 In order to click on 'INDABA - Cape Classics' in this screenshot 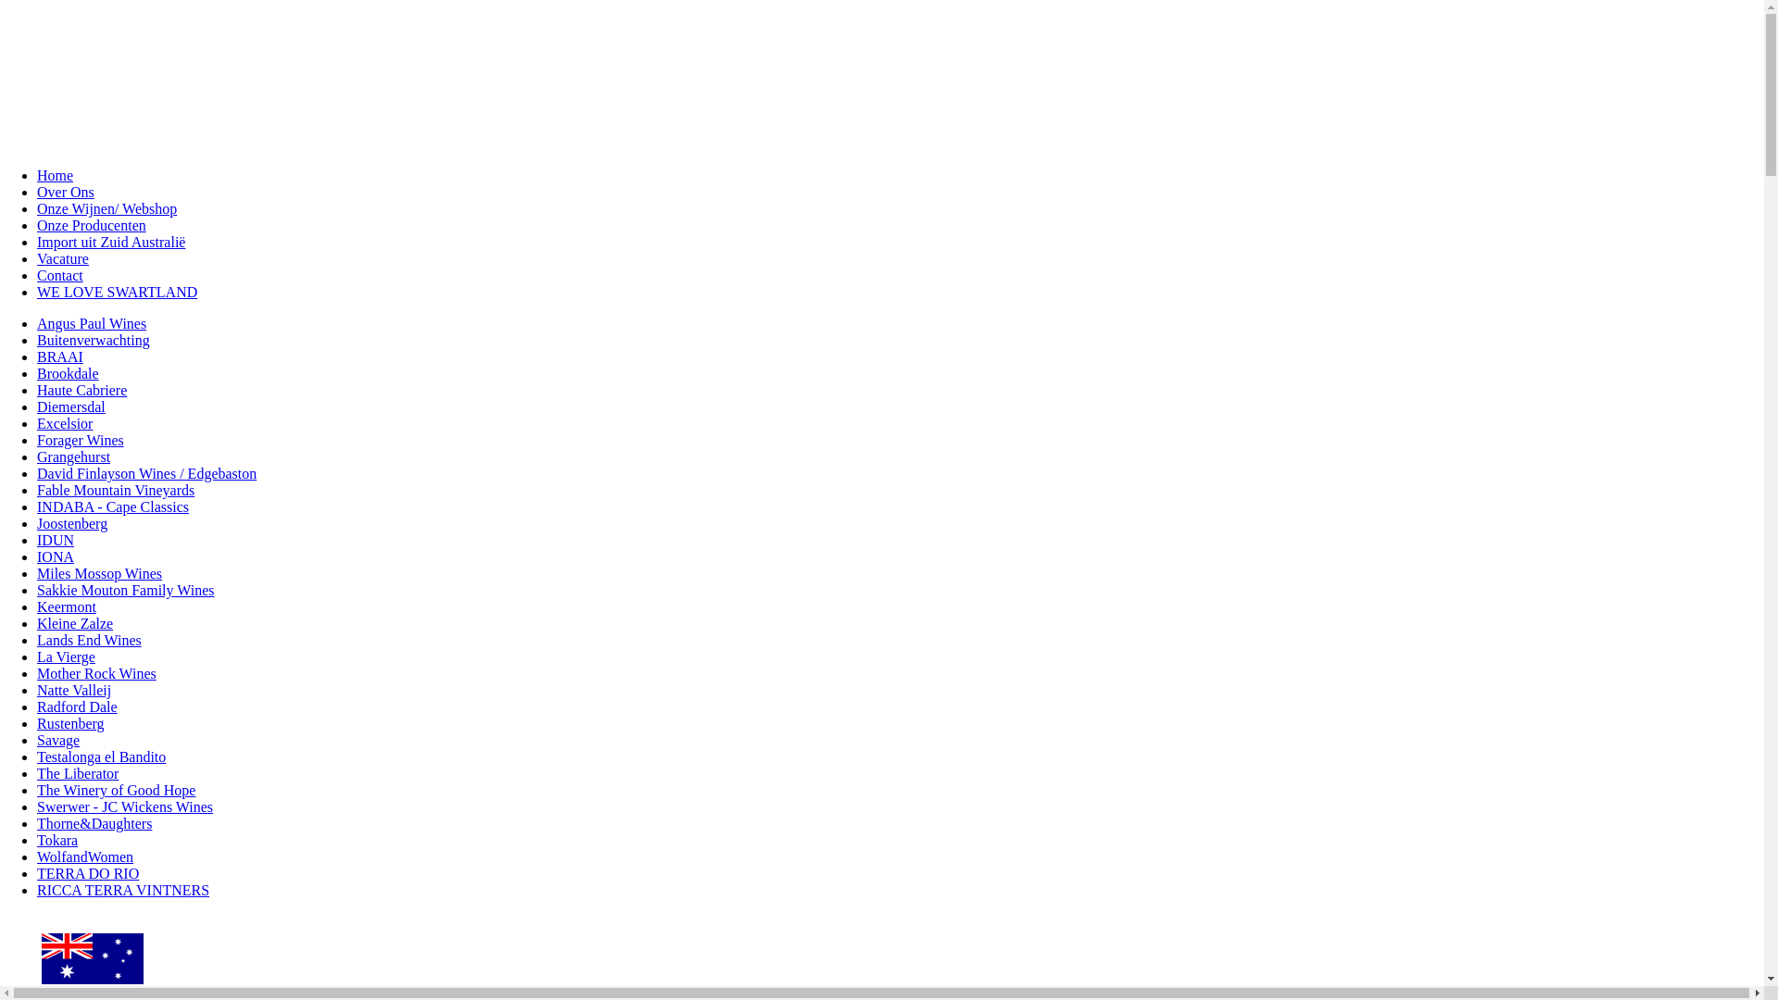, I will do `click(111, 506)`.